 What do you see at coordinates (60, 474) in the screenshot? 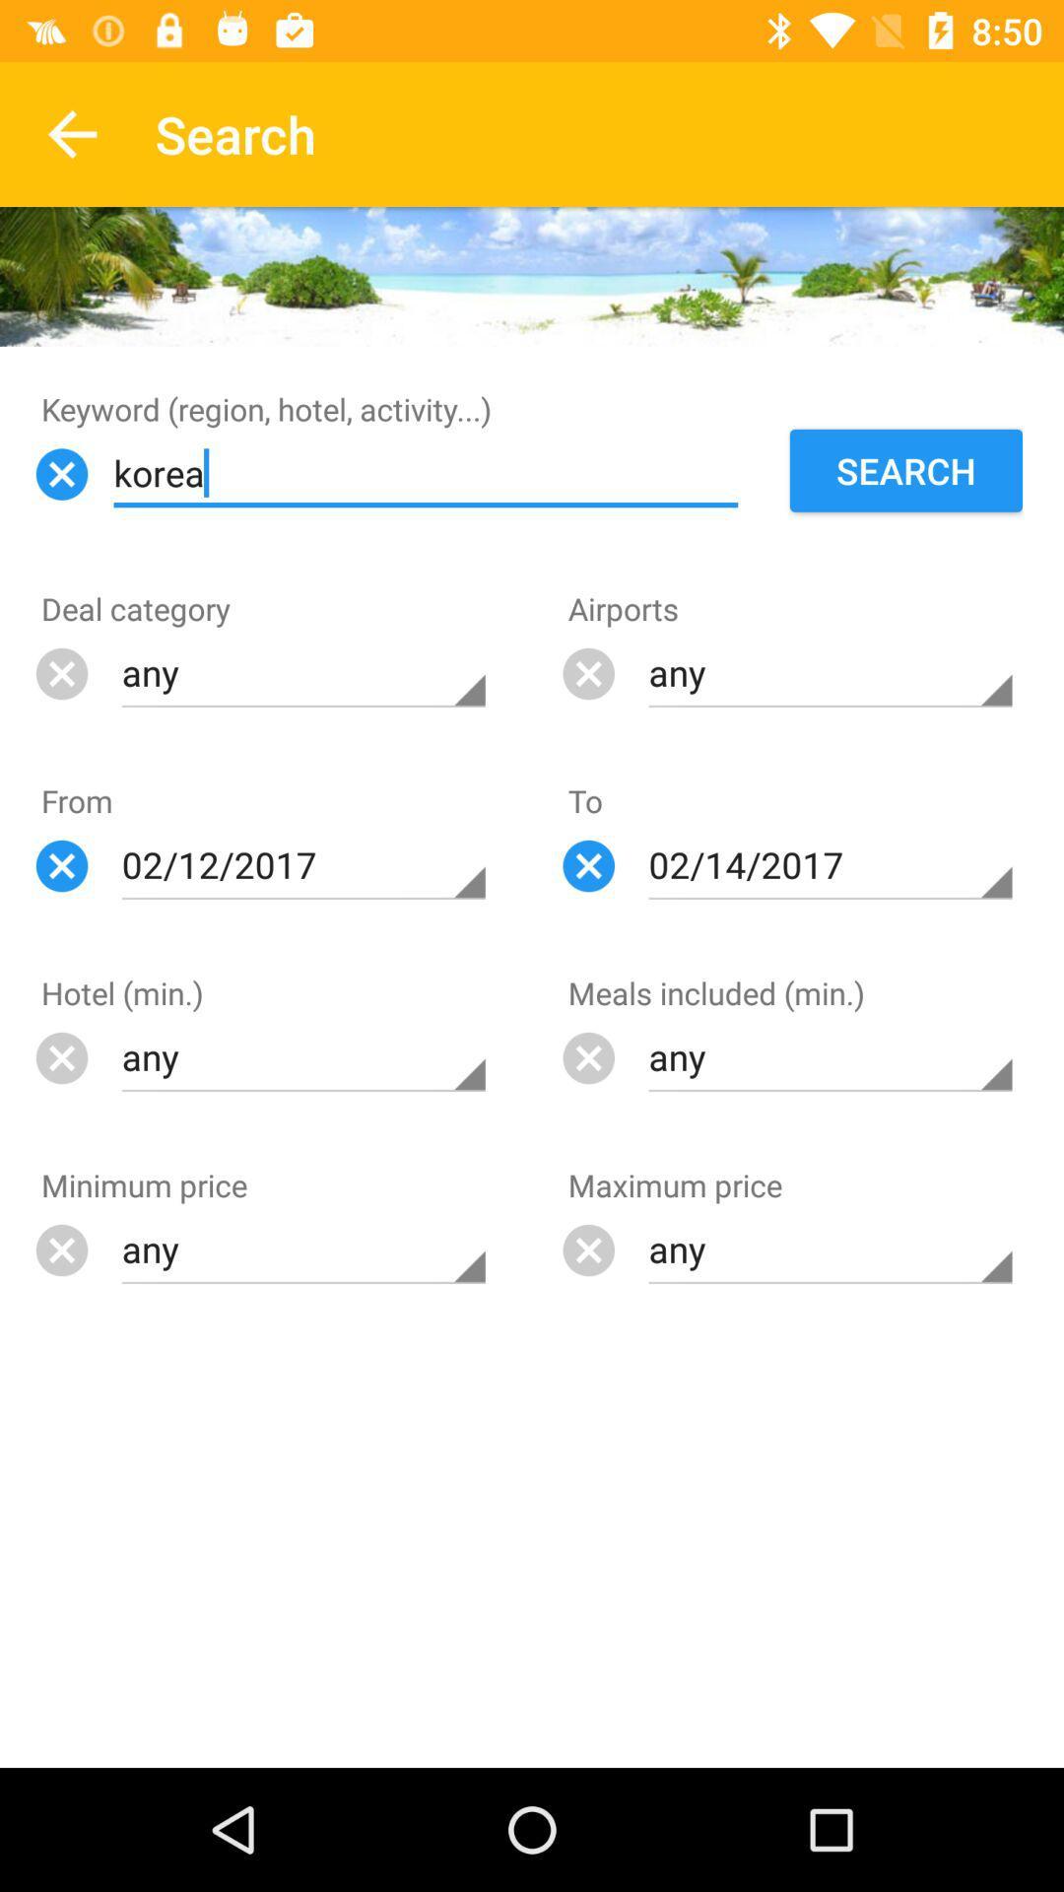
I see `the close icon` at bounding box center [60, 474].